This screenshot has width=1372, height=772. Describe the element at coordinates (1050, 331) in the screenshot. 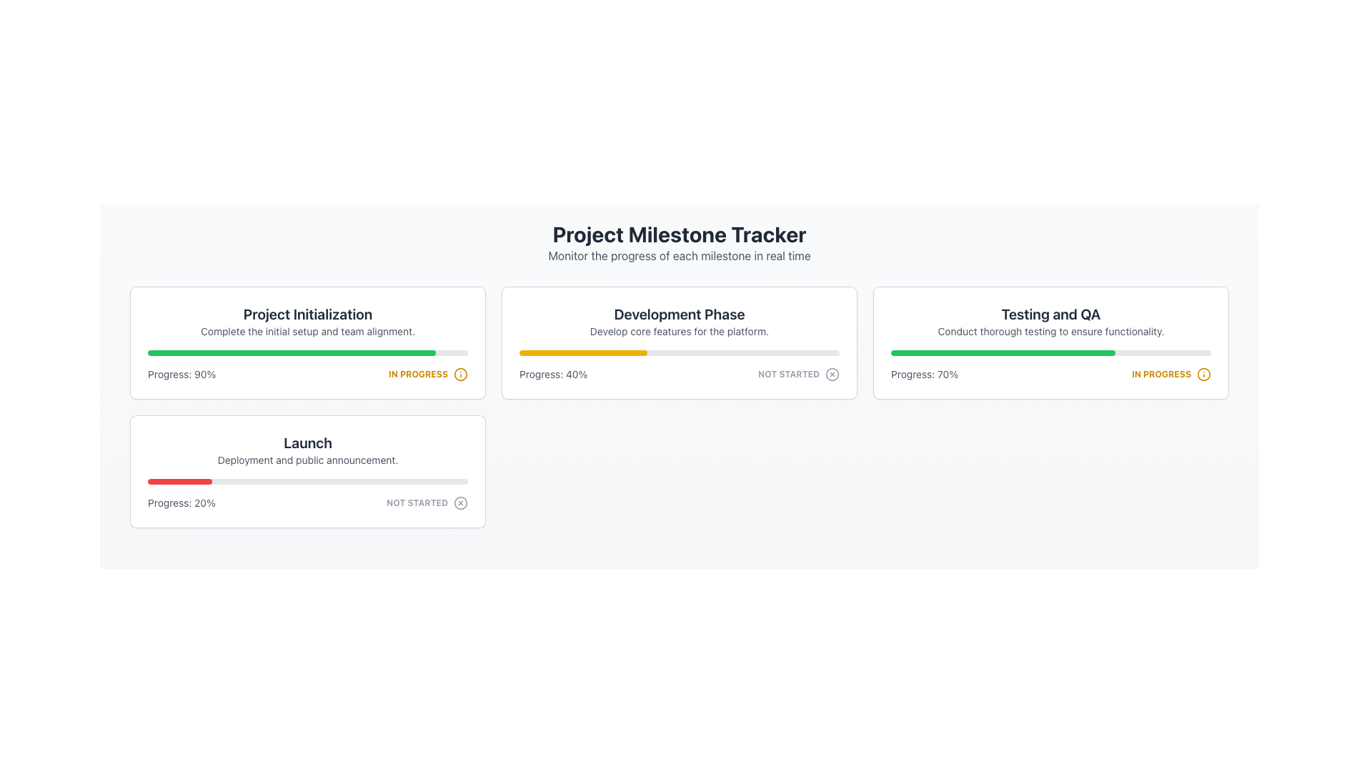

I see `text located in the upper-right quadrant of the interface below the 'Testing and QA' heading` at that location.